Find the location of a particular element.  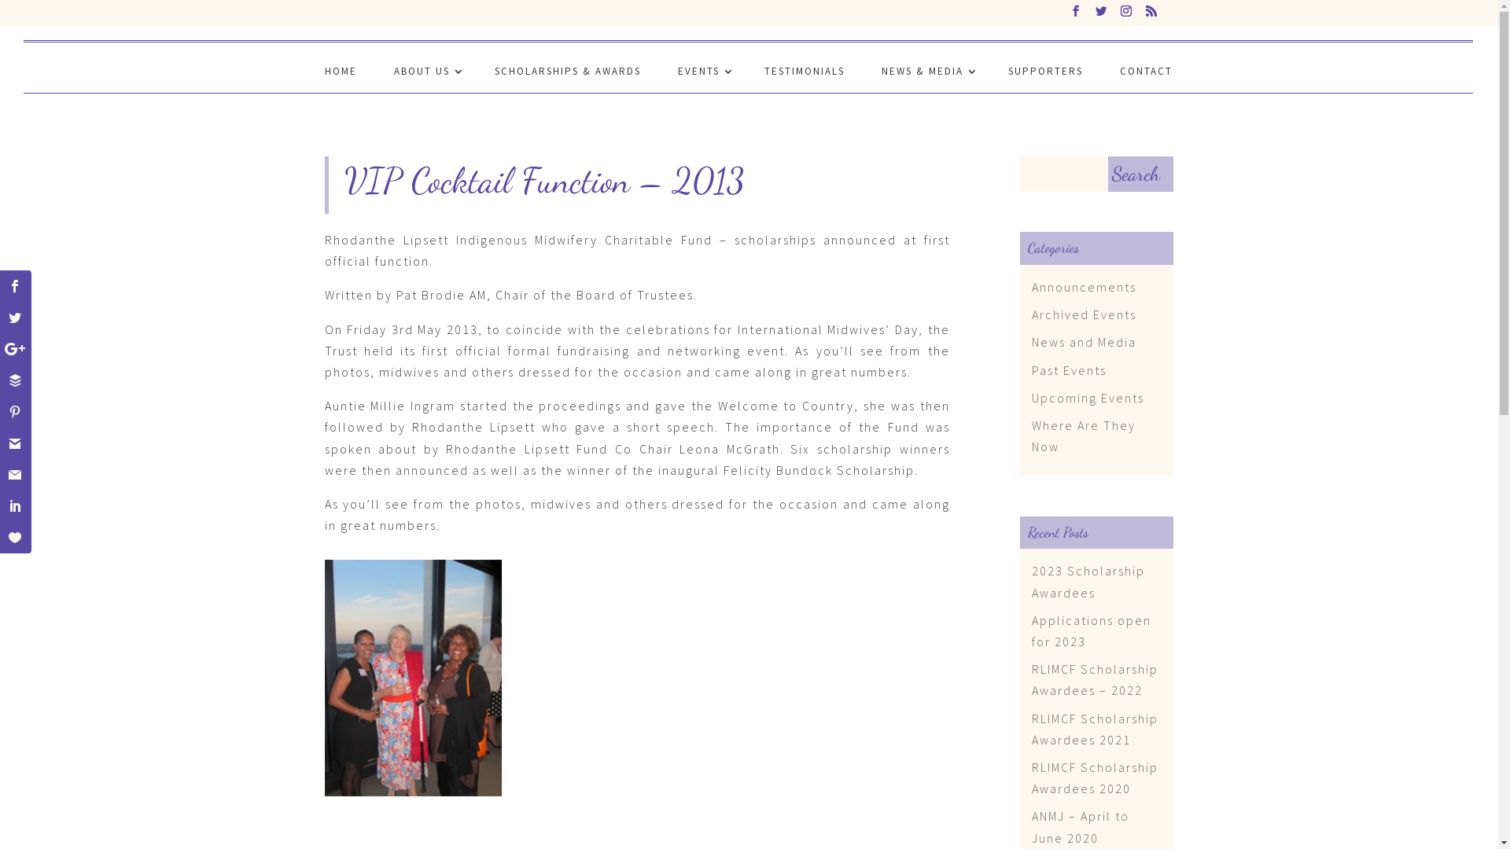

'Search' is located at coordinates (1140, 174).